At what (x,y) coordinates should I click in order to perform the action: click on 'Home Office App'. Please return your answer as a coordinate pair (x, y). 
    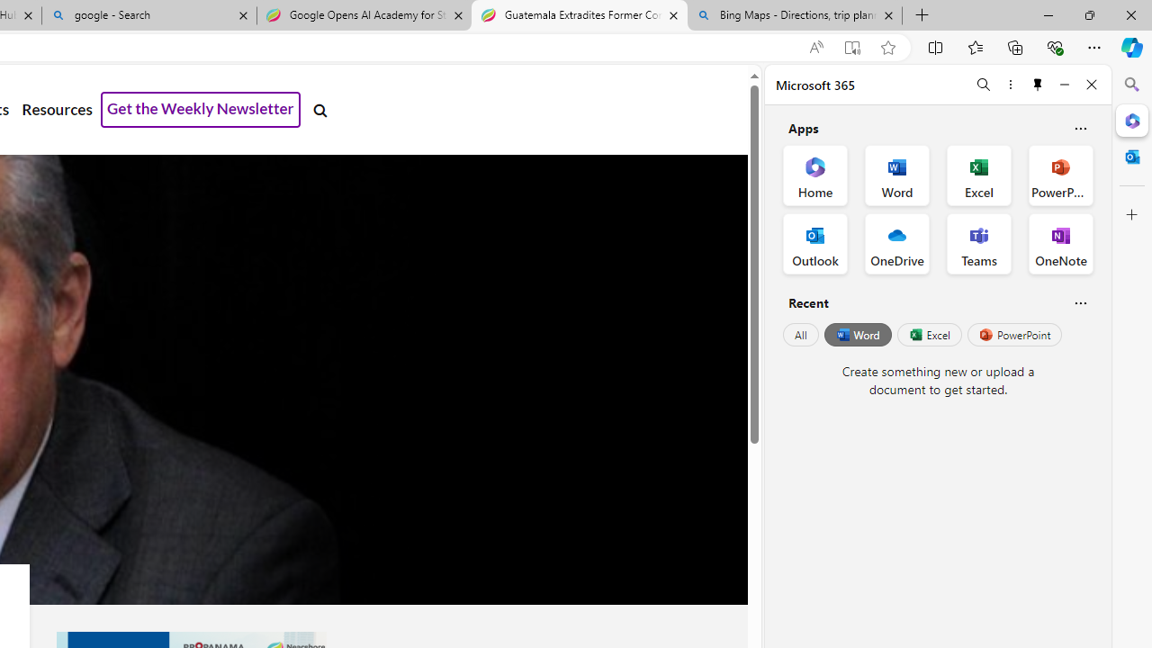
    Looking at the image, I should click on (814, 175).